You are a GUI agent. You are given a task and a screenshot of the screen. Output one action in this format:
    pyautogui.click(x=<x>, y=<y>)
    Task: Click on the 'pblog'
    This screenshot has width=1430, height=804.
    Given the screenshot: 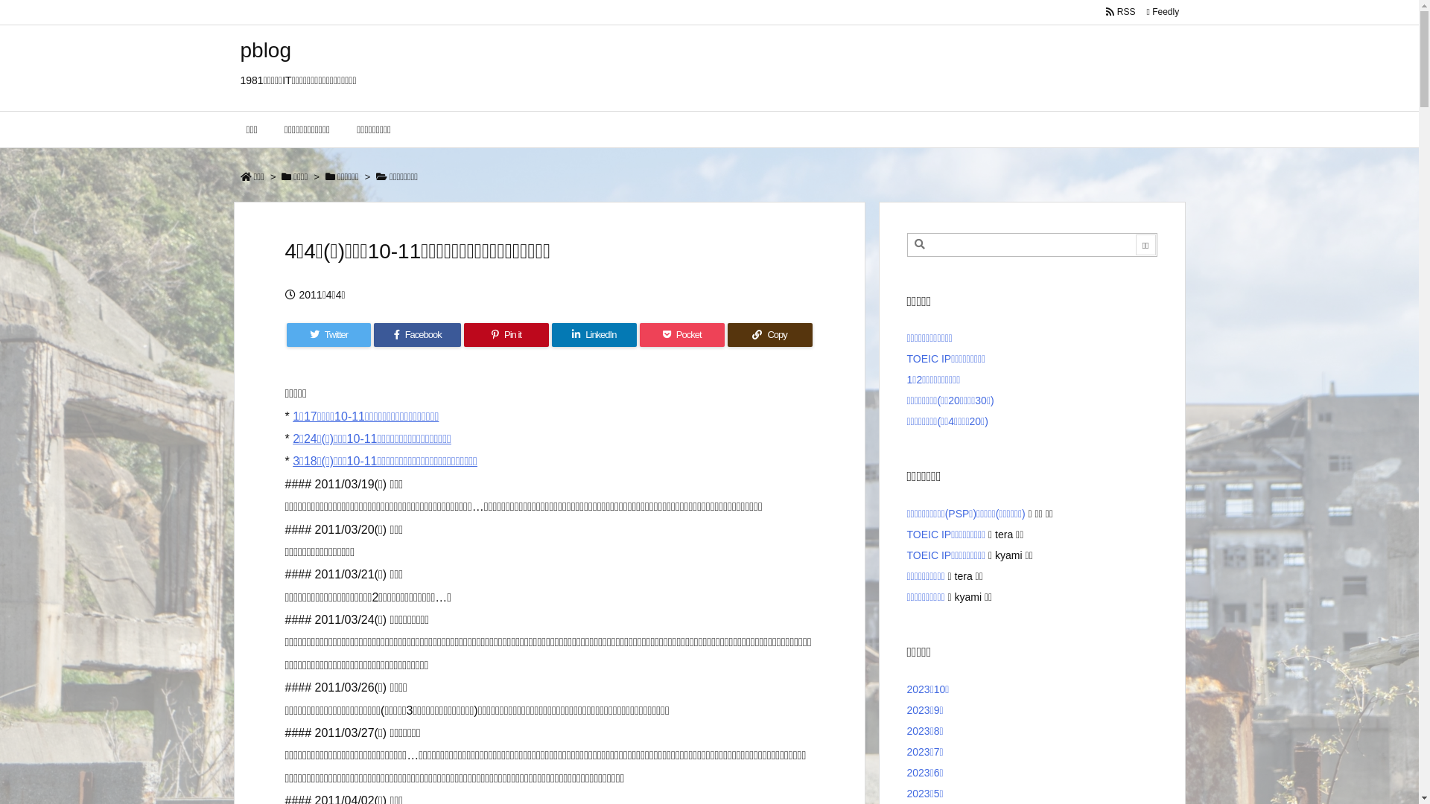 What is the action you would take?
    pyautogui.click(x=265, y=49)
    